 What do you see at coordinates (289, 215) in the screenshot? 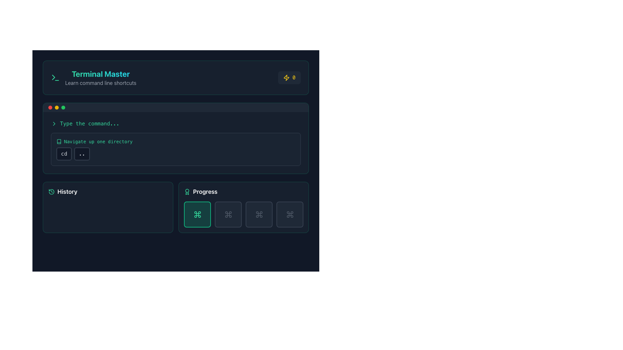
I see `the dark rectangular button with rounded corners, located at the bottom-right corner of the layout, inside the 'Progress' group` at bounding box center [289, 215].